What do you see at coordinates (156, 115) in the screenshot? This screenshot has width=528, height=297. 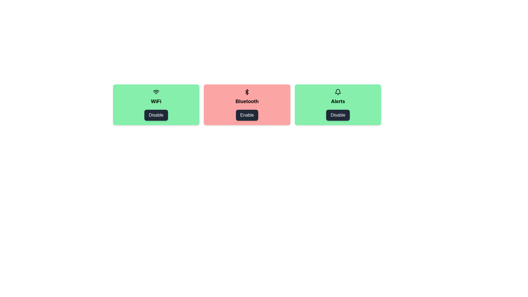 I see `the item labeled WiFi by clicking its button` at bounding box center [156, 115].